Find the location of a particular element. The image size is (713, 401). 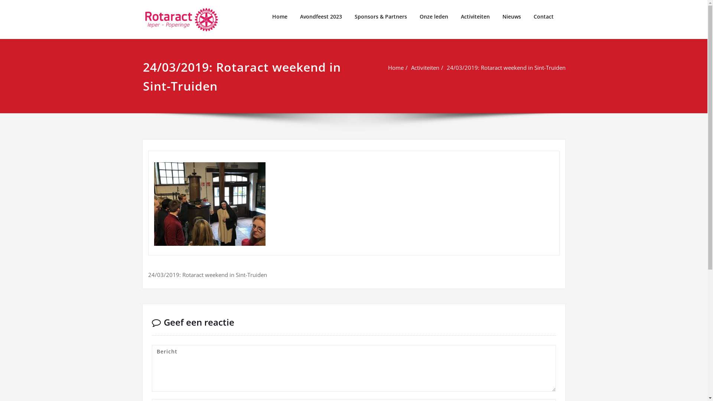

'Onze leden' is located at coordinates (433, 17).